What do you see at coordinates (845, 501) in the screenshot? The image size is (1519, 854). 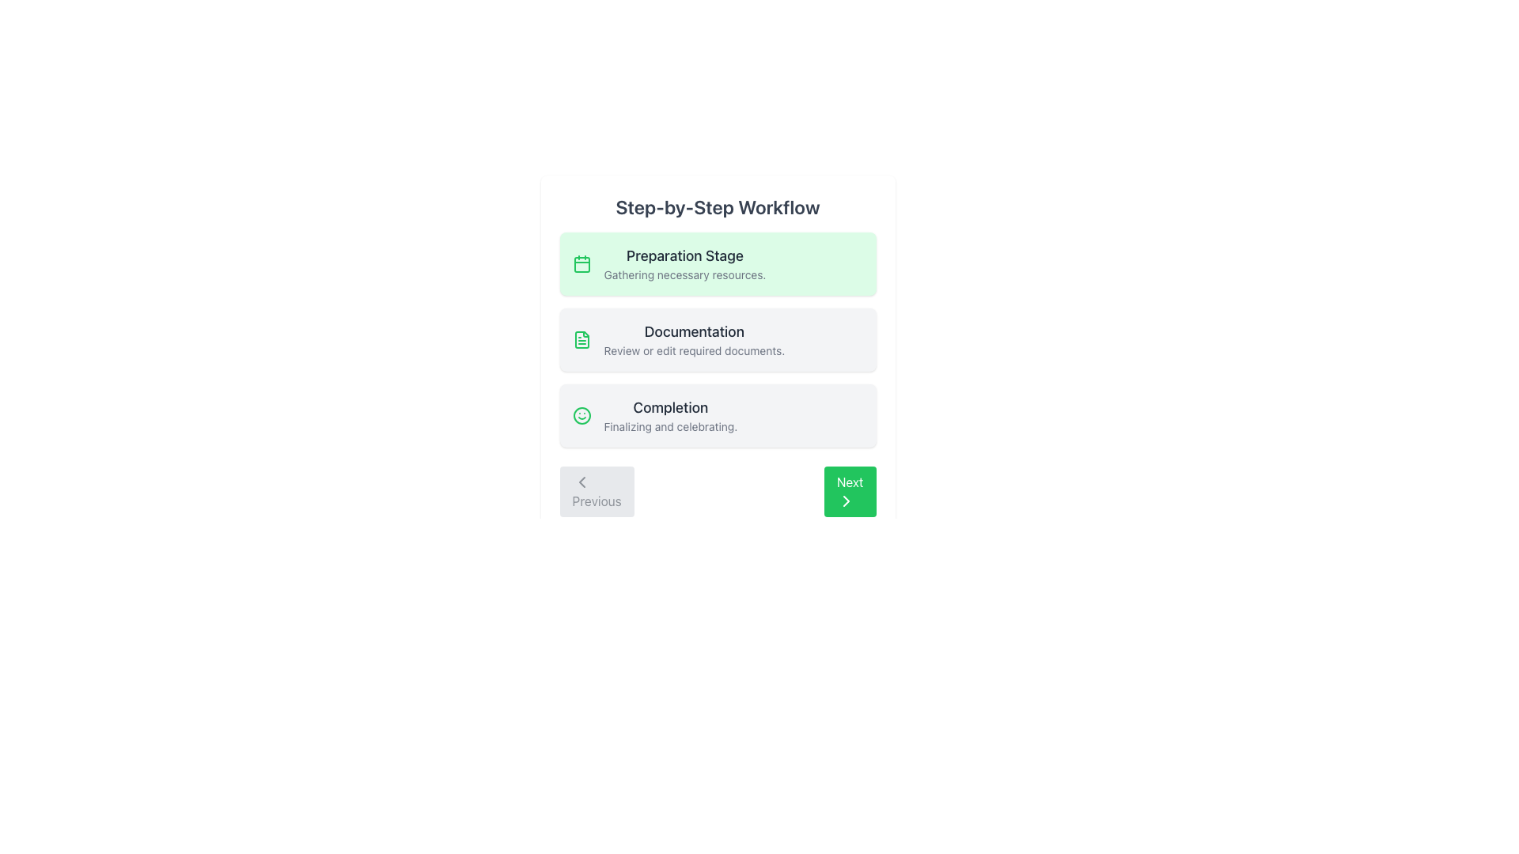 I see `over the SVG Icon that indicates a forward action, located within the 'Next' button at the bottom-right corner of the interface` at bounding box center [845, 501].